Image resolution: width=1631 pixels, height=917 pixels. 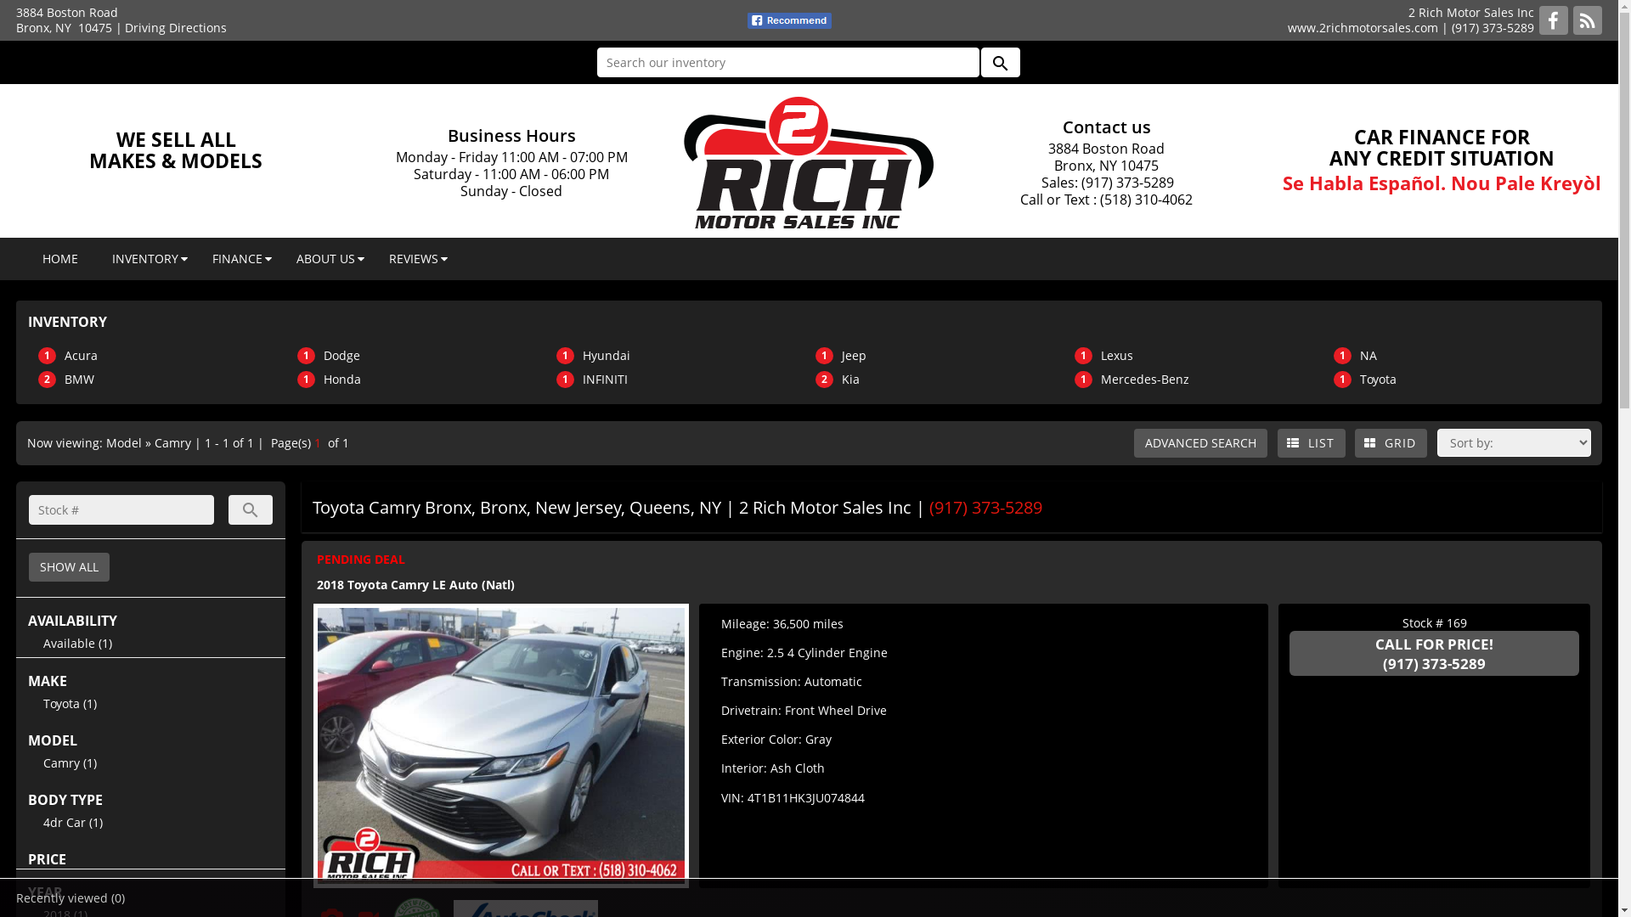 What do you see at coordinates (1133, 442) in the screenshot?
I see `'ADVANCED SEARCH'` at bounding box center [1133, 442].